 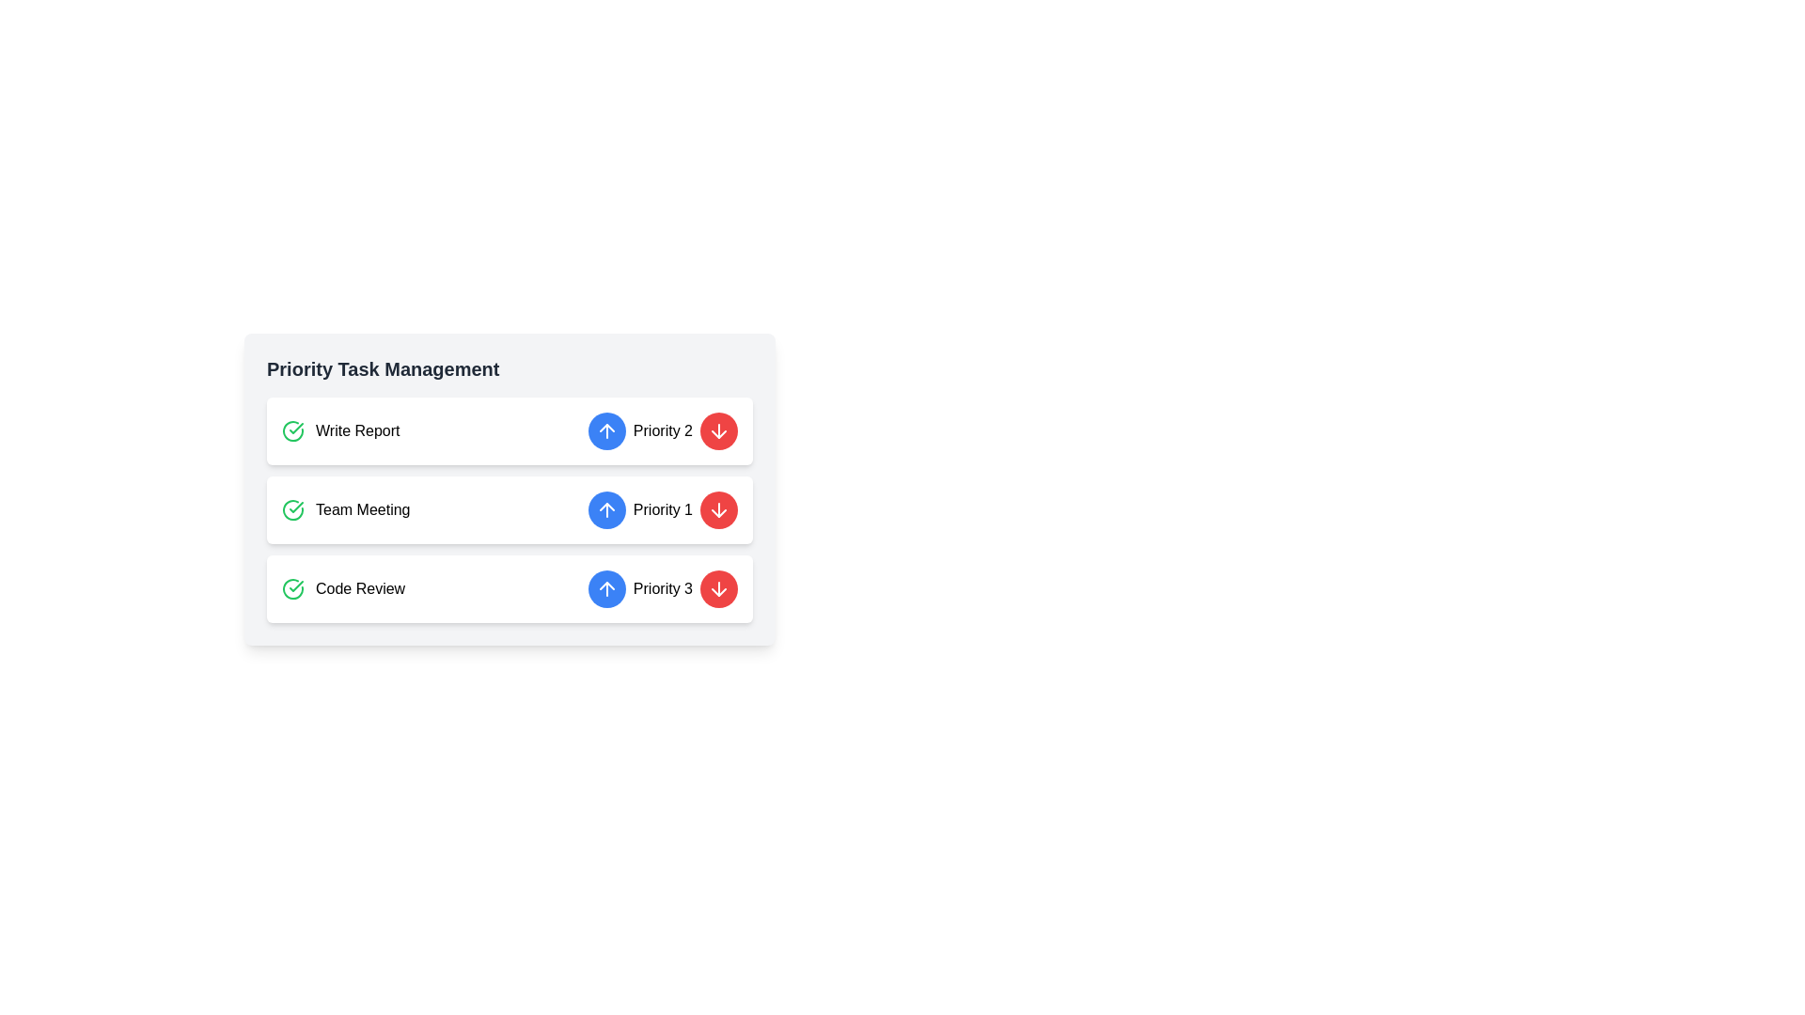 I want to click on keyboard navigation, so click(x=717, y=431).